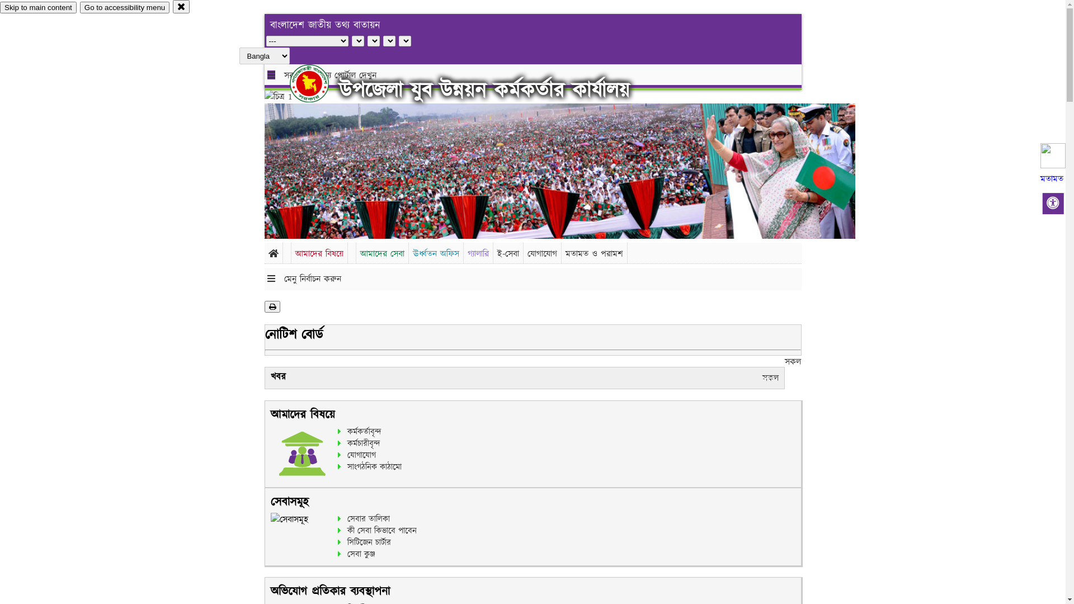 This screenshot has width=1074, height=604. I want to click on 'Skip to main content', so click(0, 7).